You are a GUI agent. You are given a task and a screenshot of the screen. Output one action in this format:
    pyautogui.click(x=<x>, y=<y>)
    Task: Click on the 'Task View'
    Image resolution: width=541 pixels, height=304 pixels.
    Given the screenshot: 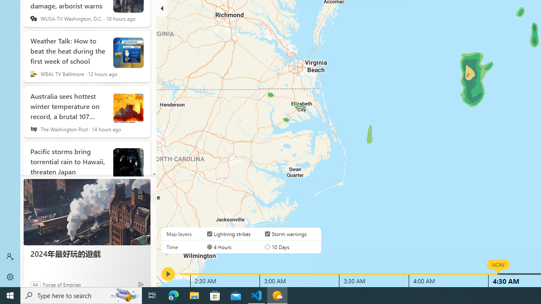 What is the action you would take?
    pyautogui.click(x=152, y=295)
    